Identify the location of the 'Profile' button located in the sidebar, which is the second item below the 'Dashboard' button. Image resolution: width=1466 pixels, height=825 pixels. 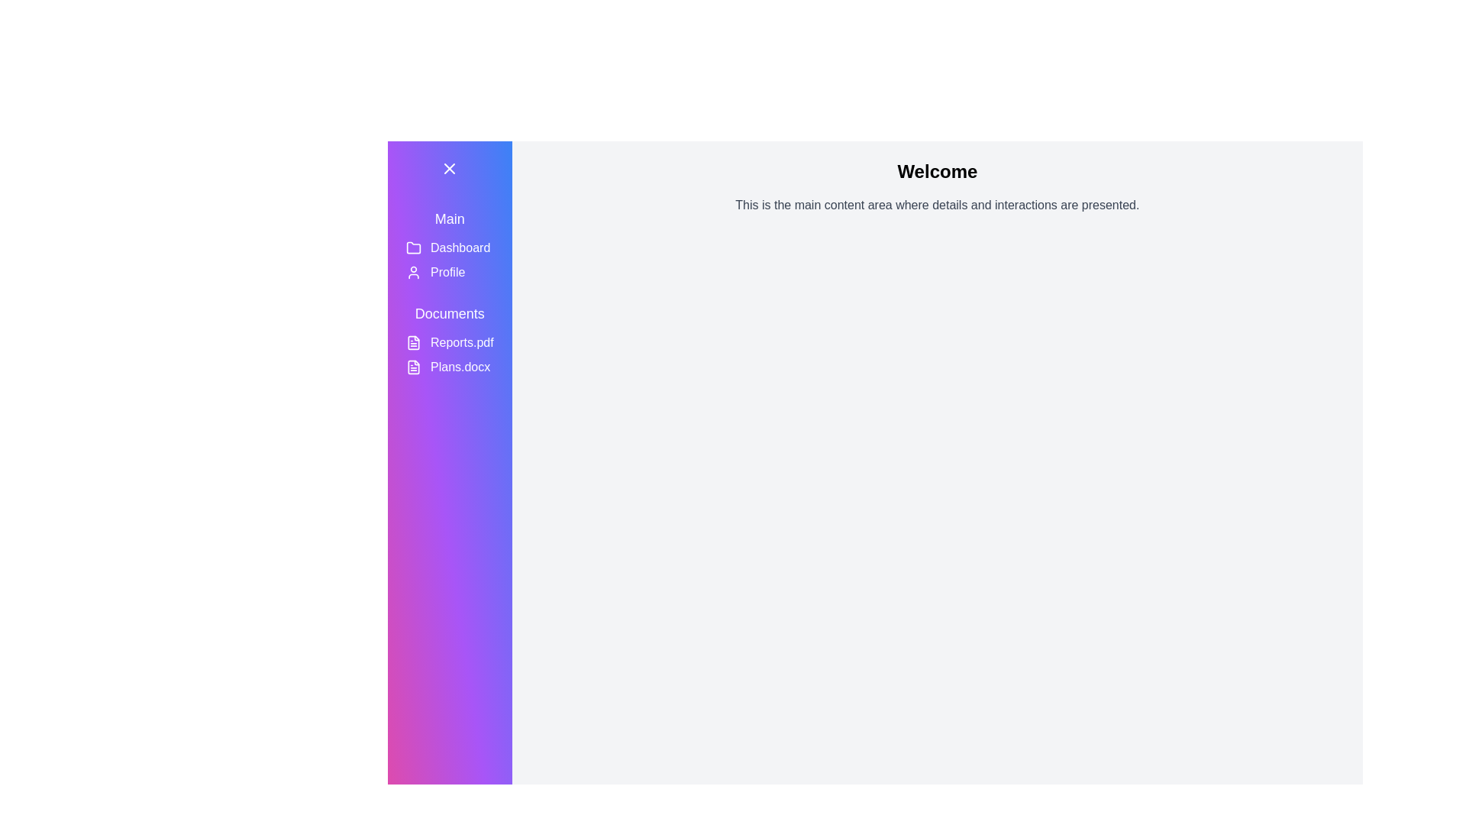
(449, 272).